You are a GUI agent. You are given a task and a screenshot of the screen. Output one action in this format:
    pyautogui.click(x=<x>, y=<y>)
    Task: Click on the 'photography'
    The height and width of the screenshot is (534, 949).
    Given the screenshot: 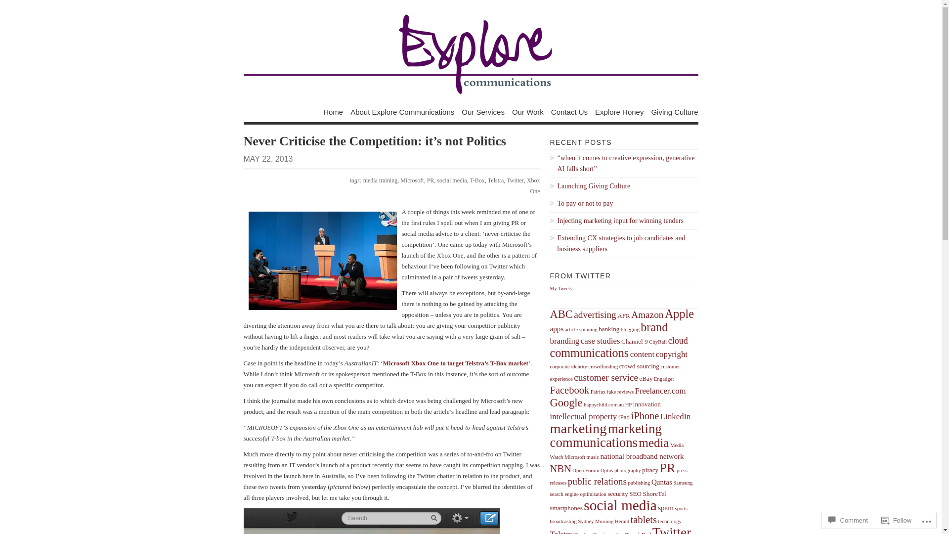 What is the action you would take?
    pyautogui.click(x=627, y=470)
    